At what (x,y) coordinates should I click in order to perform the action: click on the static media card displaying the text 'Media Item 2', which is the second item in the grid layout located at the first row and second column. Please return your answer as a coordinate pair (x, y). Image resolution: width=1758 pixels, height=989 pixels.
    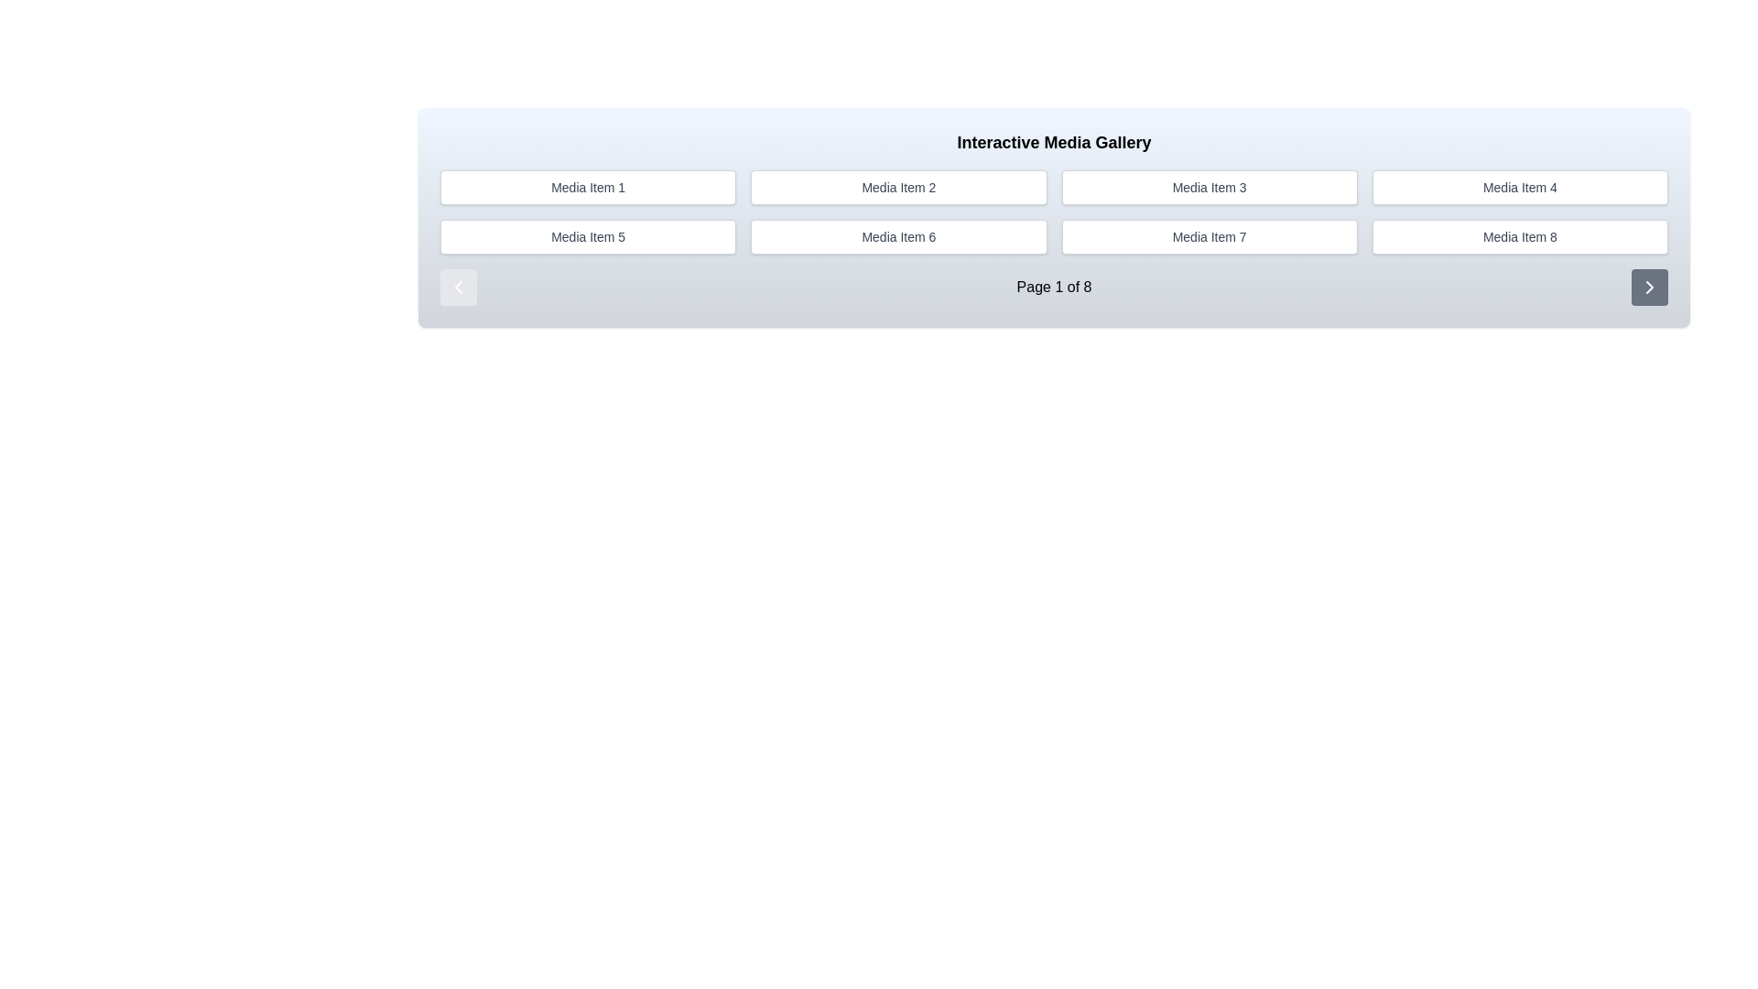
    Looking at the image, I should click on (898, 187).